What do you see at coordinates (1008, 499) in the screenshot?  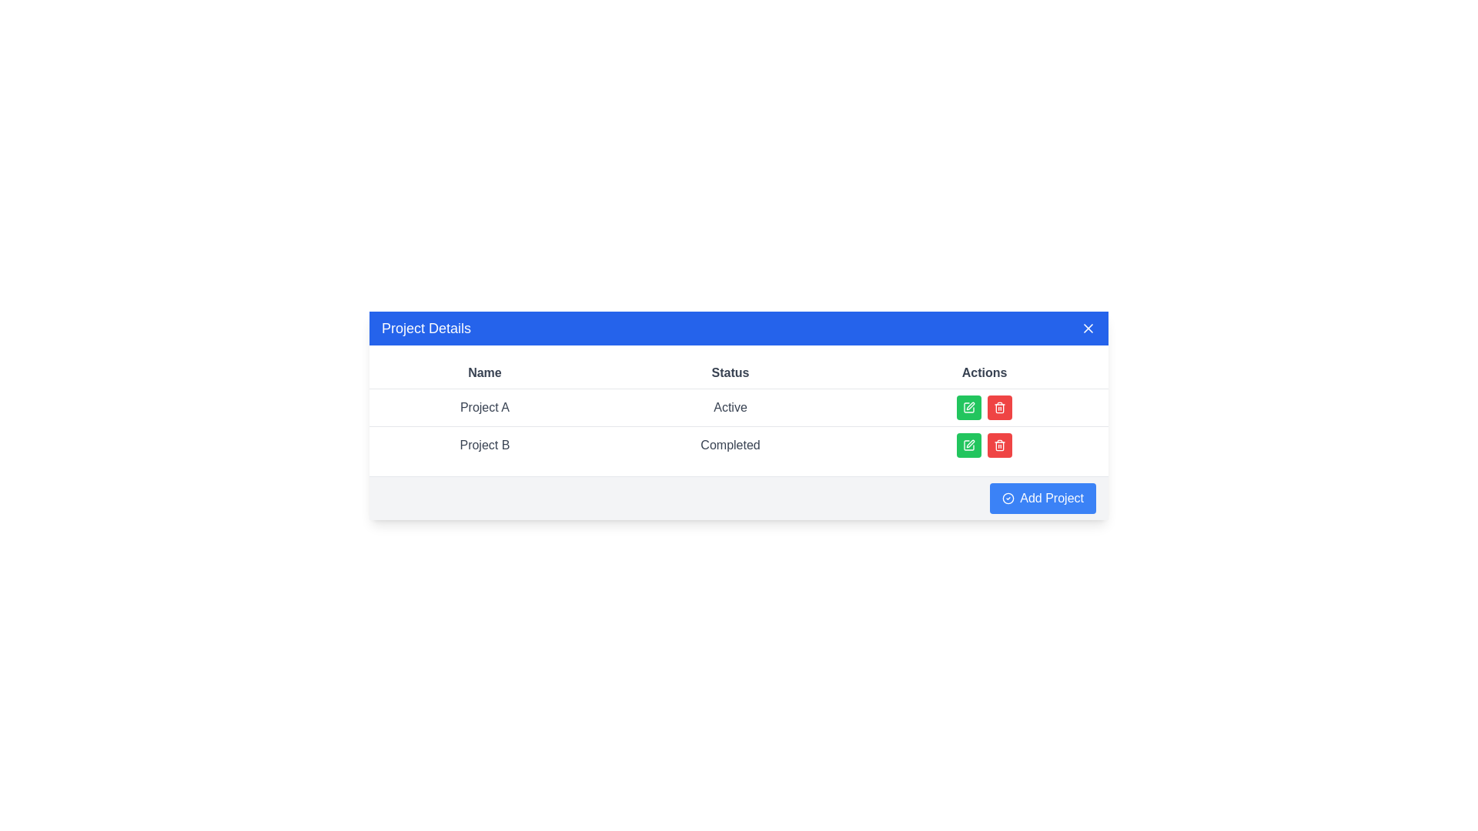 I see `the circular boundary element styled in blue, which is part of a check mark icon located to the right of the 'Completed' label in the 'Status' column of the second row of the table` at bounding box center [1008, 499].